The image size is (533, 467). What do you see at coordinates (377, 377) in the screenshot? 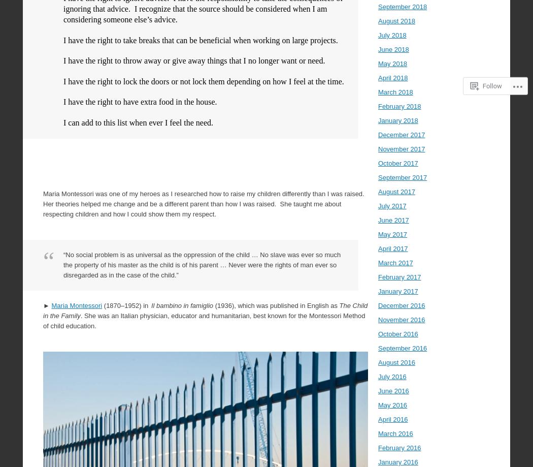
I see `'July 2016'` at bounding box center [377, 377].